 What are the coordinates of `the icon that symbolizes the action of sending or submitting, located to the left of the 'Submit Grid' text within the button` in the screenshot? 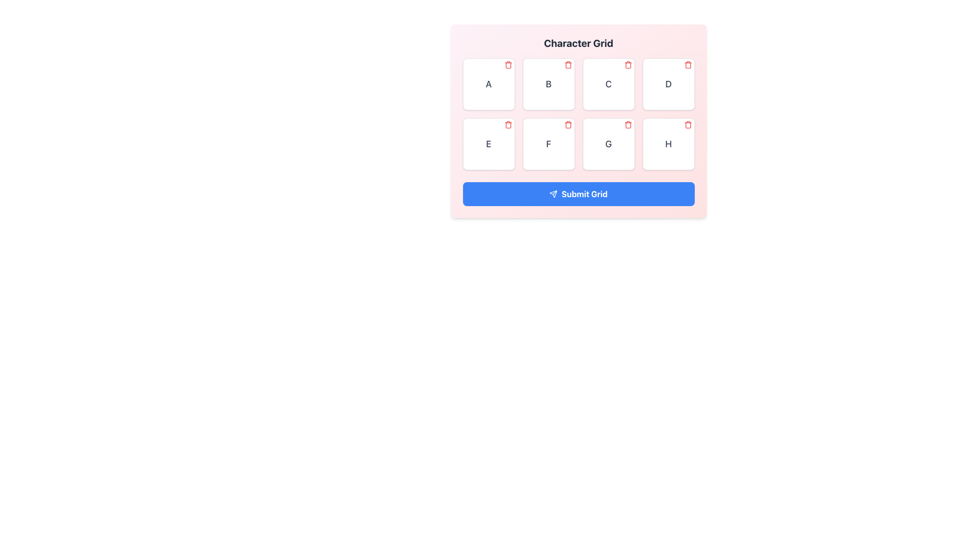 It's located at (553, 194).